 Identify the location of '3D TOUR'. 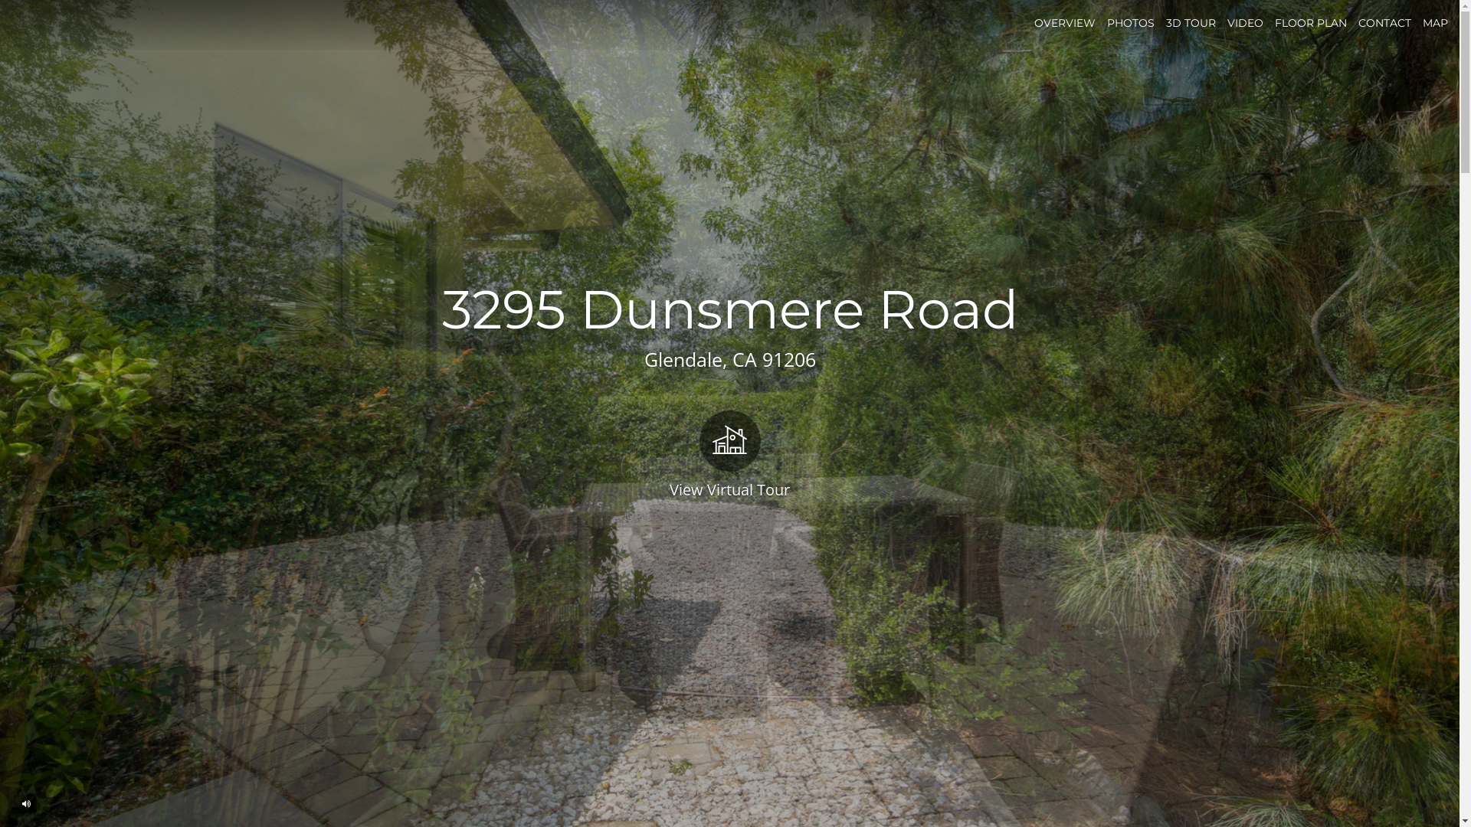
(1190, 23).